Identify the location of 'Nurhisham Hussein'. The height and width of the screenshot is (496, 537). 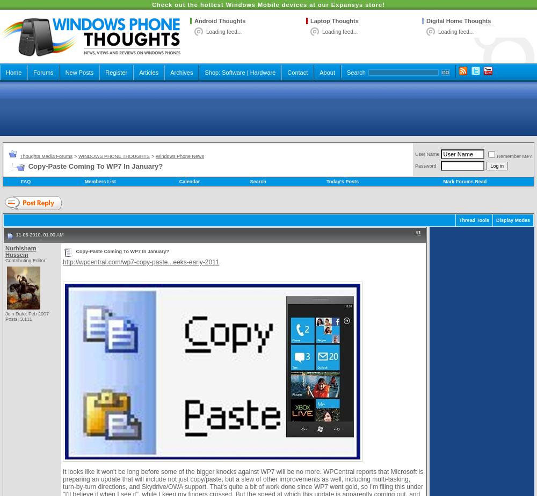
(20, 250).